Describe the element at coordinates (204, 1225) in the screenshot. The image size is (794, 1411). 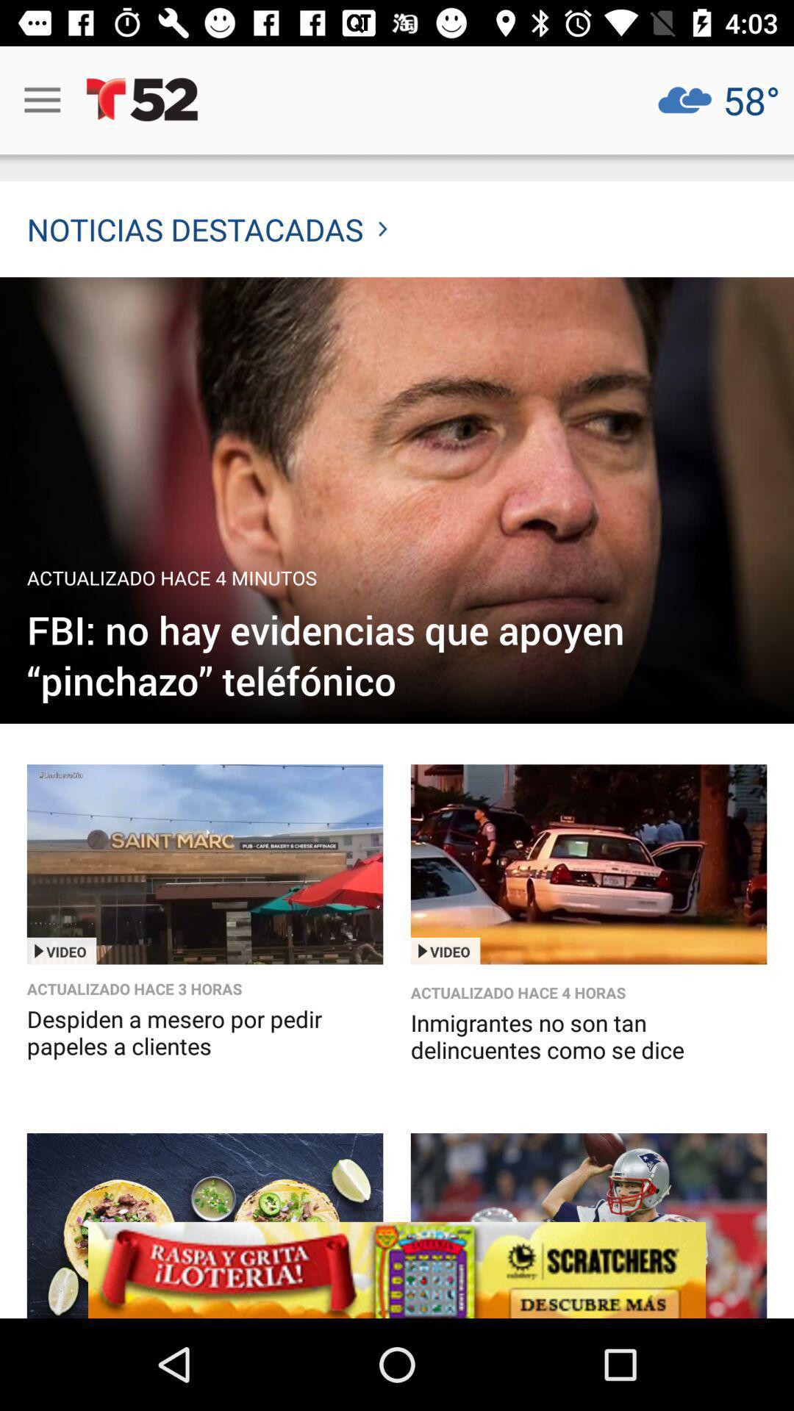
I see `it is a picture of savory food` at that location.